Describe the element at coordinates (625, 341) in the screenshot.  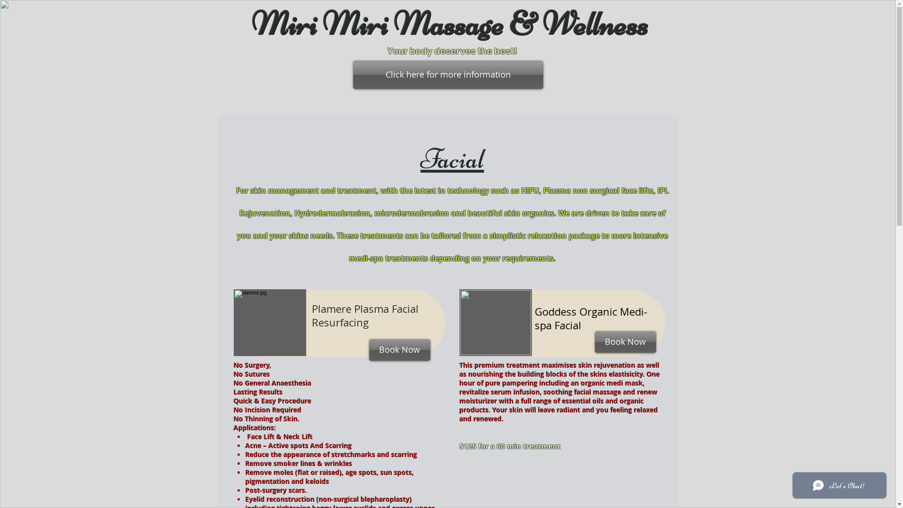
I see `'Book Now'` at that location.